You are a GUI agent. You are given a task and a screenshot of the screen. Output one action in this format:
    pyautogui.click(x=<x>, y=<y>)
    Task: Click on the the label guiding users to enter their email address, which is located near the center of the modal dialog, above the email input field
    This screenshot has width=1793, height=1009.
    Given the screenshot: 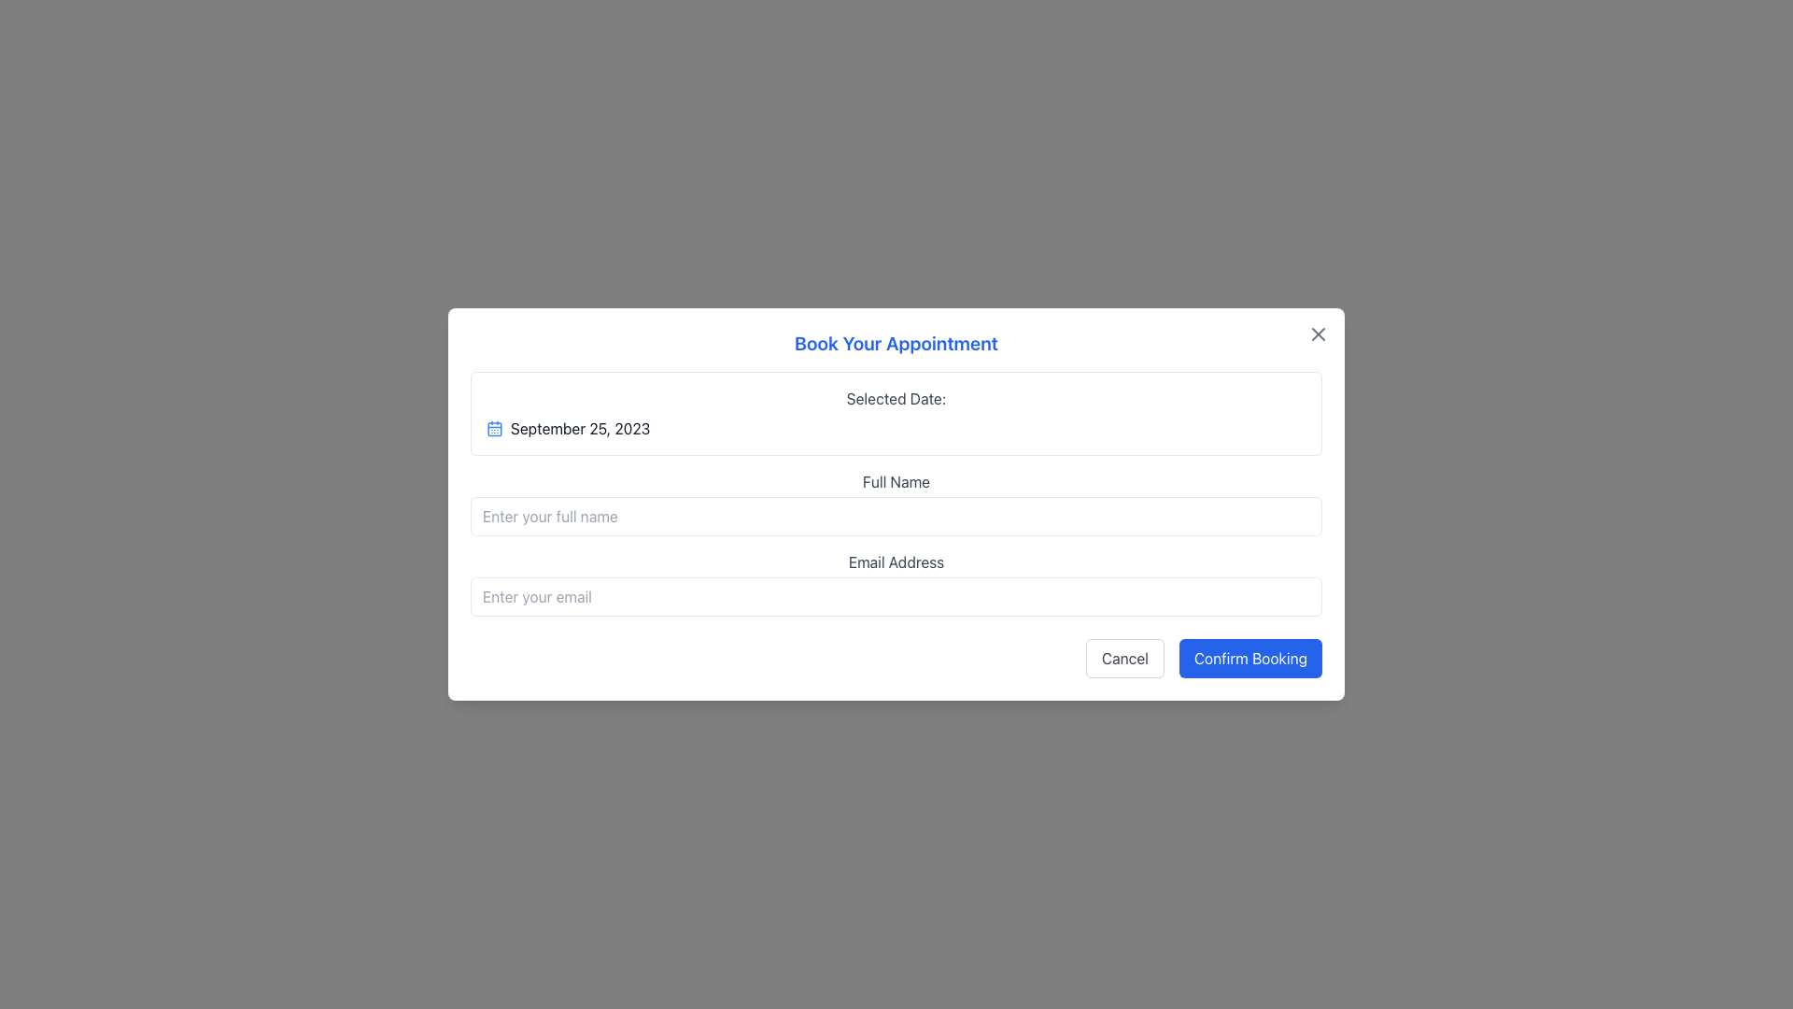 What is the action you would take?
    pyautogui.click(x=896, y=561)
    